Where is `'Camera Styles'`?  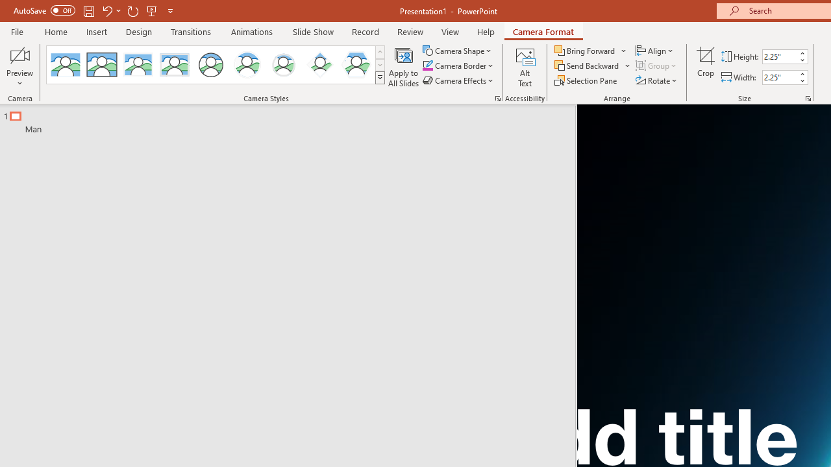
'Camera Styles' is located at coordinates (379, 78).